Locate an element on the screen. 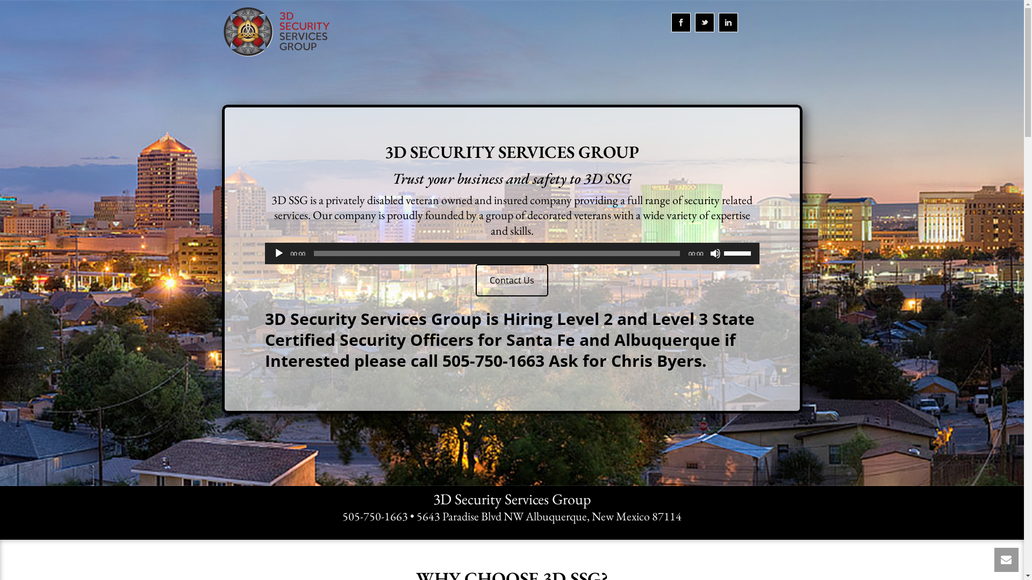 This screenshot has height=580, width=1032. 'Mute' is located at coordinates (709, 253).